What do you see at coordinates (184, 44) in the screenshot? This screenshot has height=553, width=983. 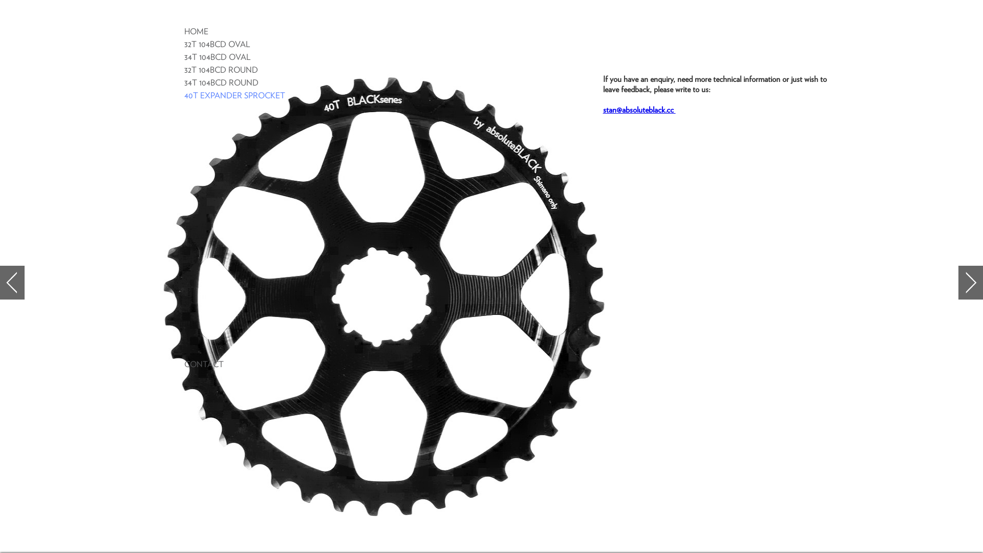 I see `'32T 104BCD OVAL'` at bounding box center [184, 44].